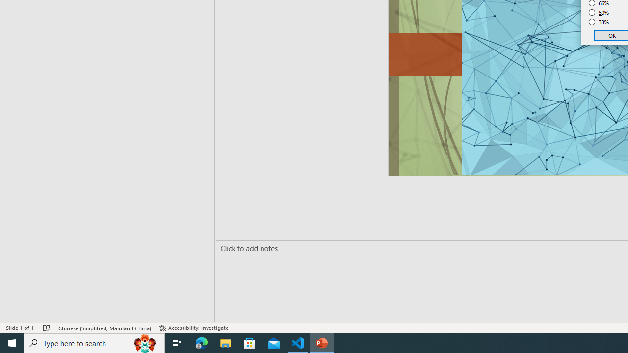 This screenshot has height=353, width=628. What do you see at coordinates (599, 12) in the screenshot?
I see `'50%'` at bounding box center [599, 12].